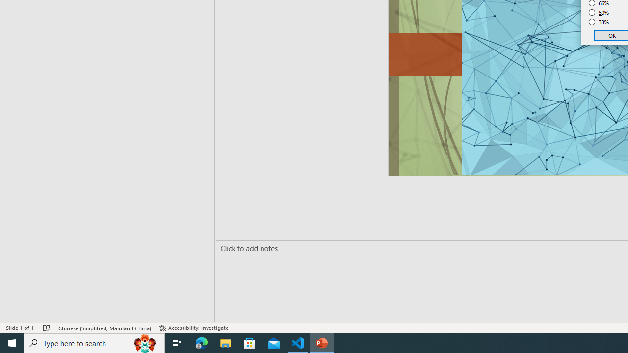 This screenshot has height=353, width=628. What do you see at coordinates (599, 12) in the screenshot?
I see `'50%'` at bounding box center [599, 12].